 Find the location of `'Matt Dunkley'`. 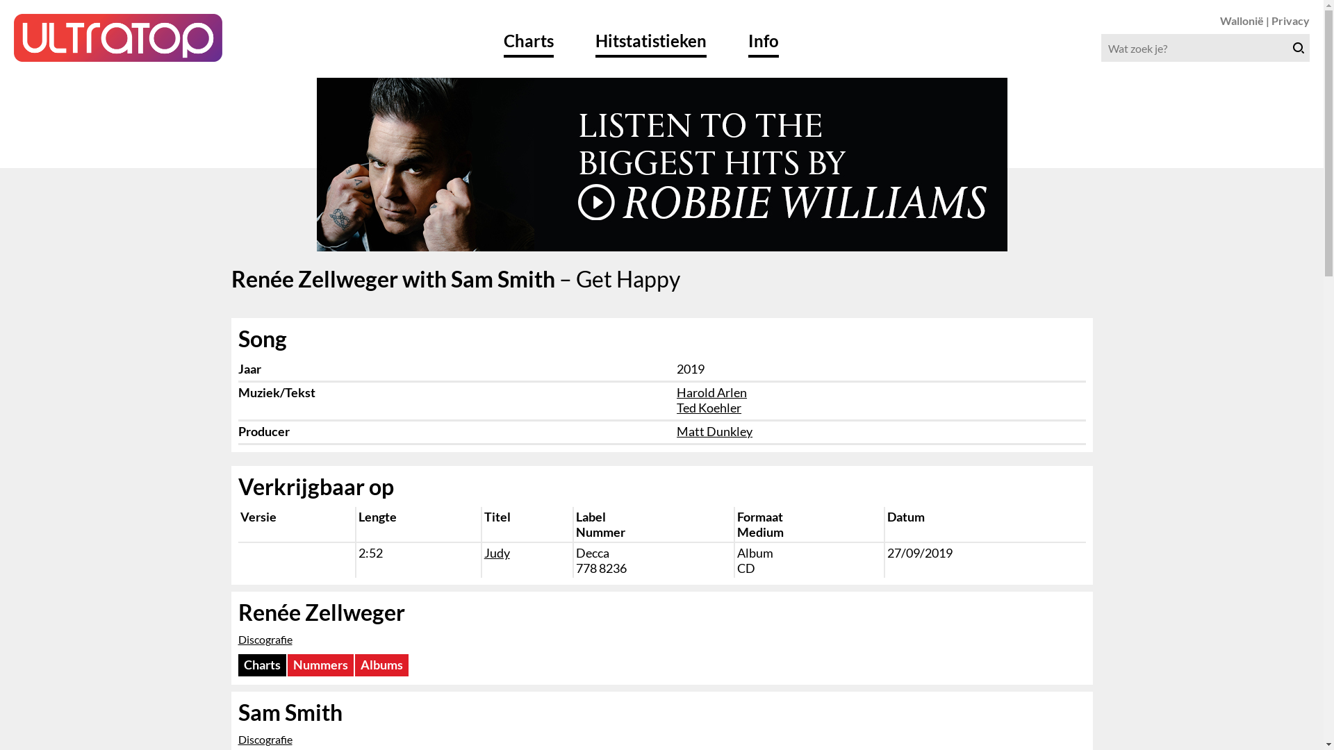

'Matt Dunkley' is located at coordinates (677, 431).